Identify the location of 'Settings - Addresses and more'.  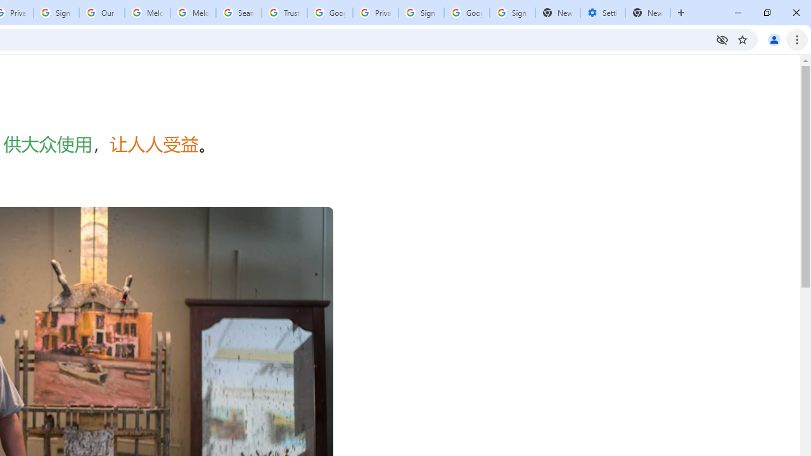
(602, 13).